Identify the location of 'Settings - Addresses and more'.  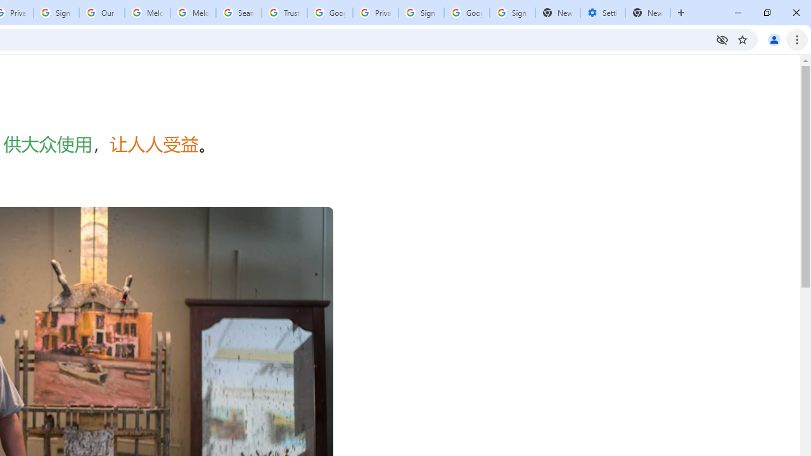
(602, 13).